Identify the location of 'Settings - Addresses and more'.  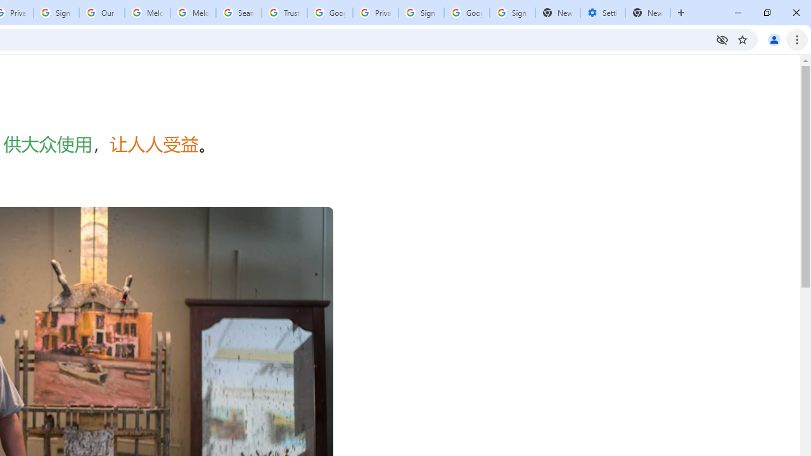
(602, 13).